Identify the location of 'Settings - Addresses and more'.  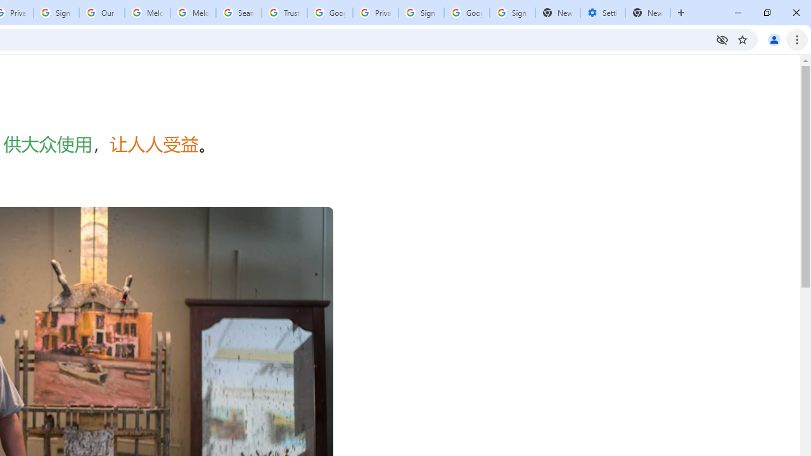
(602, 13).